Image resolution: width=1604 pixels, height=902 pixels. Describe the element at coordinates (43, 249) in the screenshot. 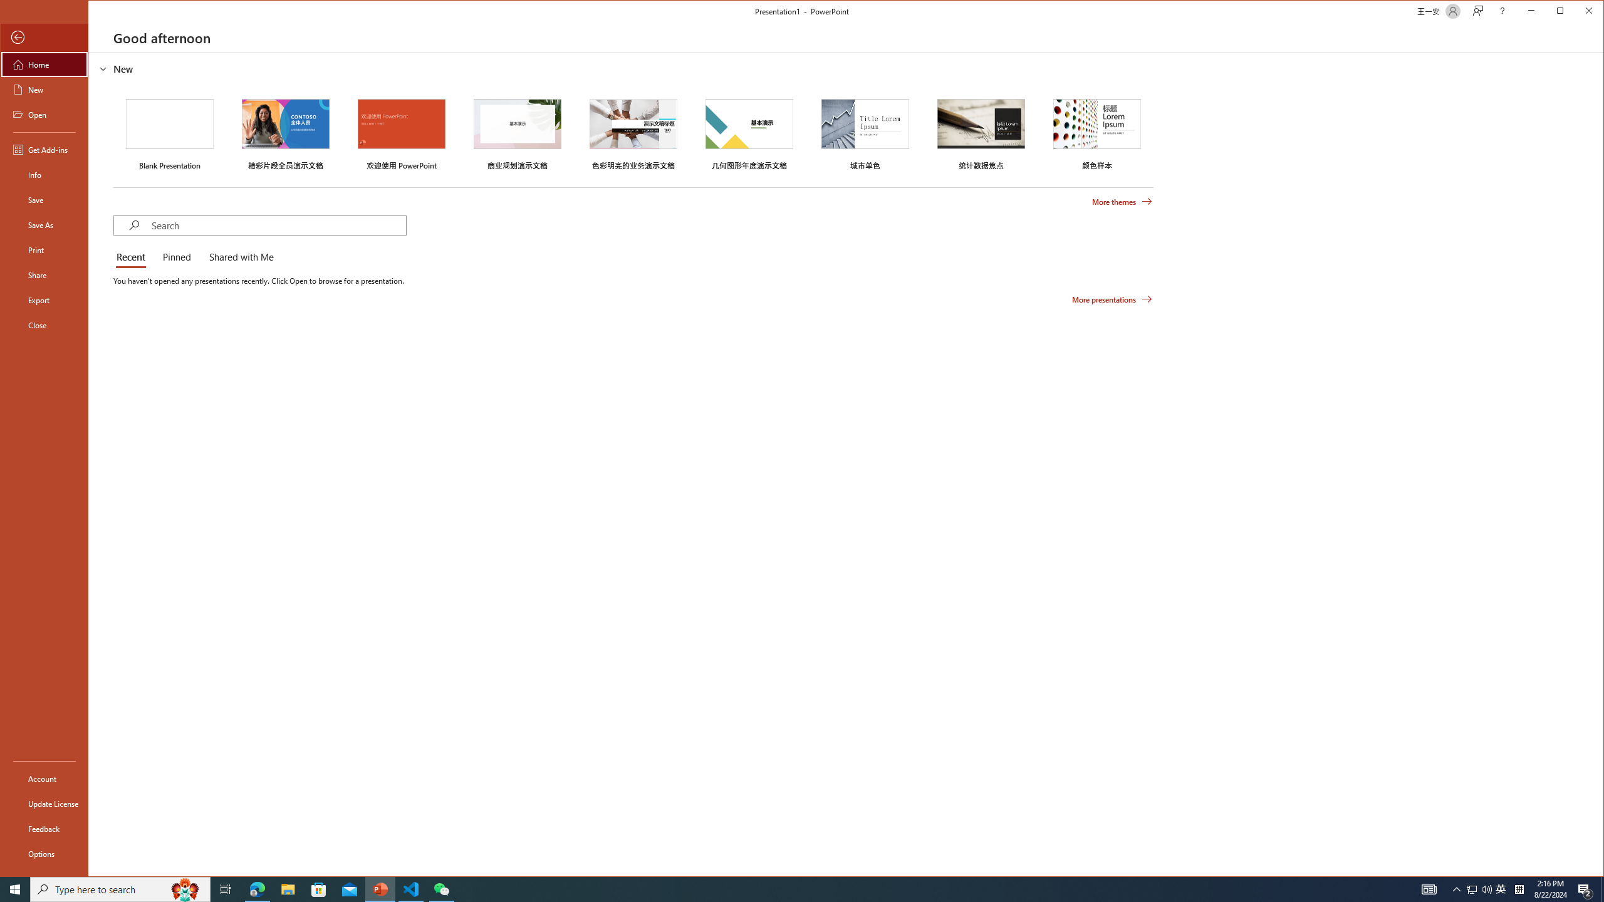

I see `'Print'` at that location.